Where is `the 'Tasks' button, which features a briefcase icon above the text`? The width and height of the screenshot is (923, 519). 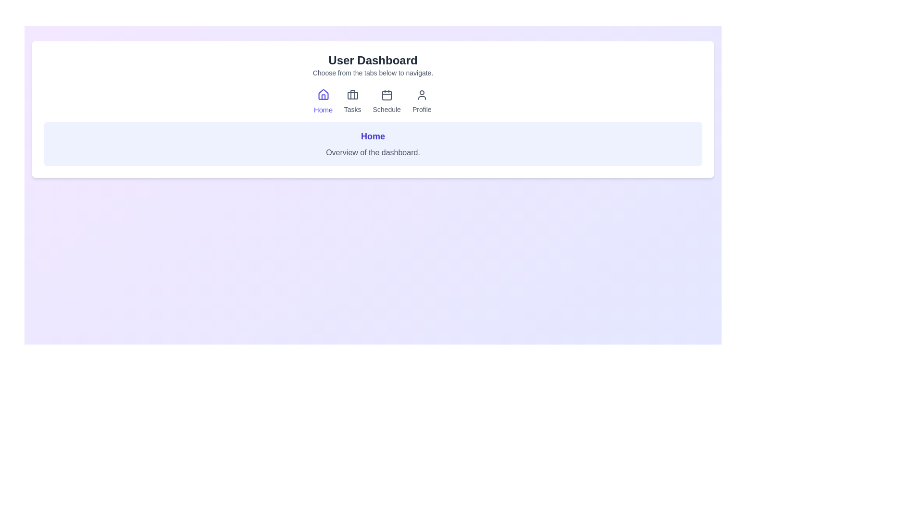 the 'Tasks' button, which features a briefcase icon above the text is located at coordinates (352, 102).